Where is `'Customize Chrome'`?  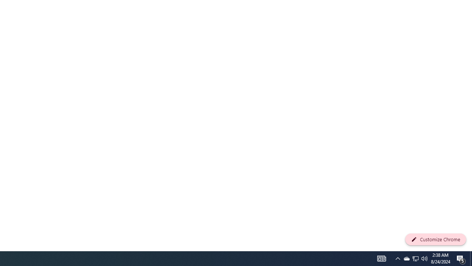
'Customize Chrome' is located at coordinates (435, 239).